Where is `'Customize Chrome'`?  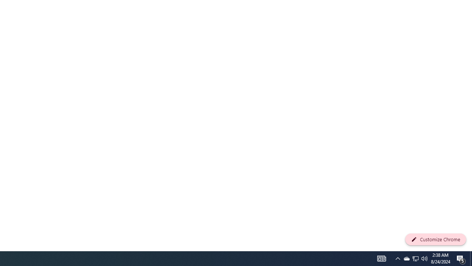
'Customize Chrome' is located at coordinates (435, 239).